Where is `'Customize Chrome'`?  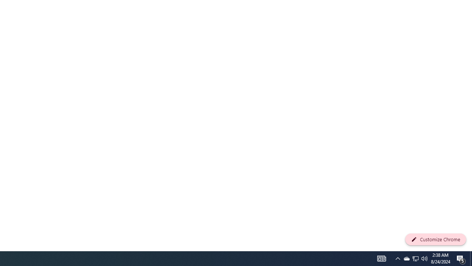
'Customize Chrome' is located at coordinates (435, 239).